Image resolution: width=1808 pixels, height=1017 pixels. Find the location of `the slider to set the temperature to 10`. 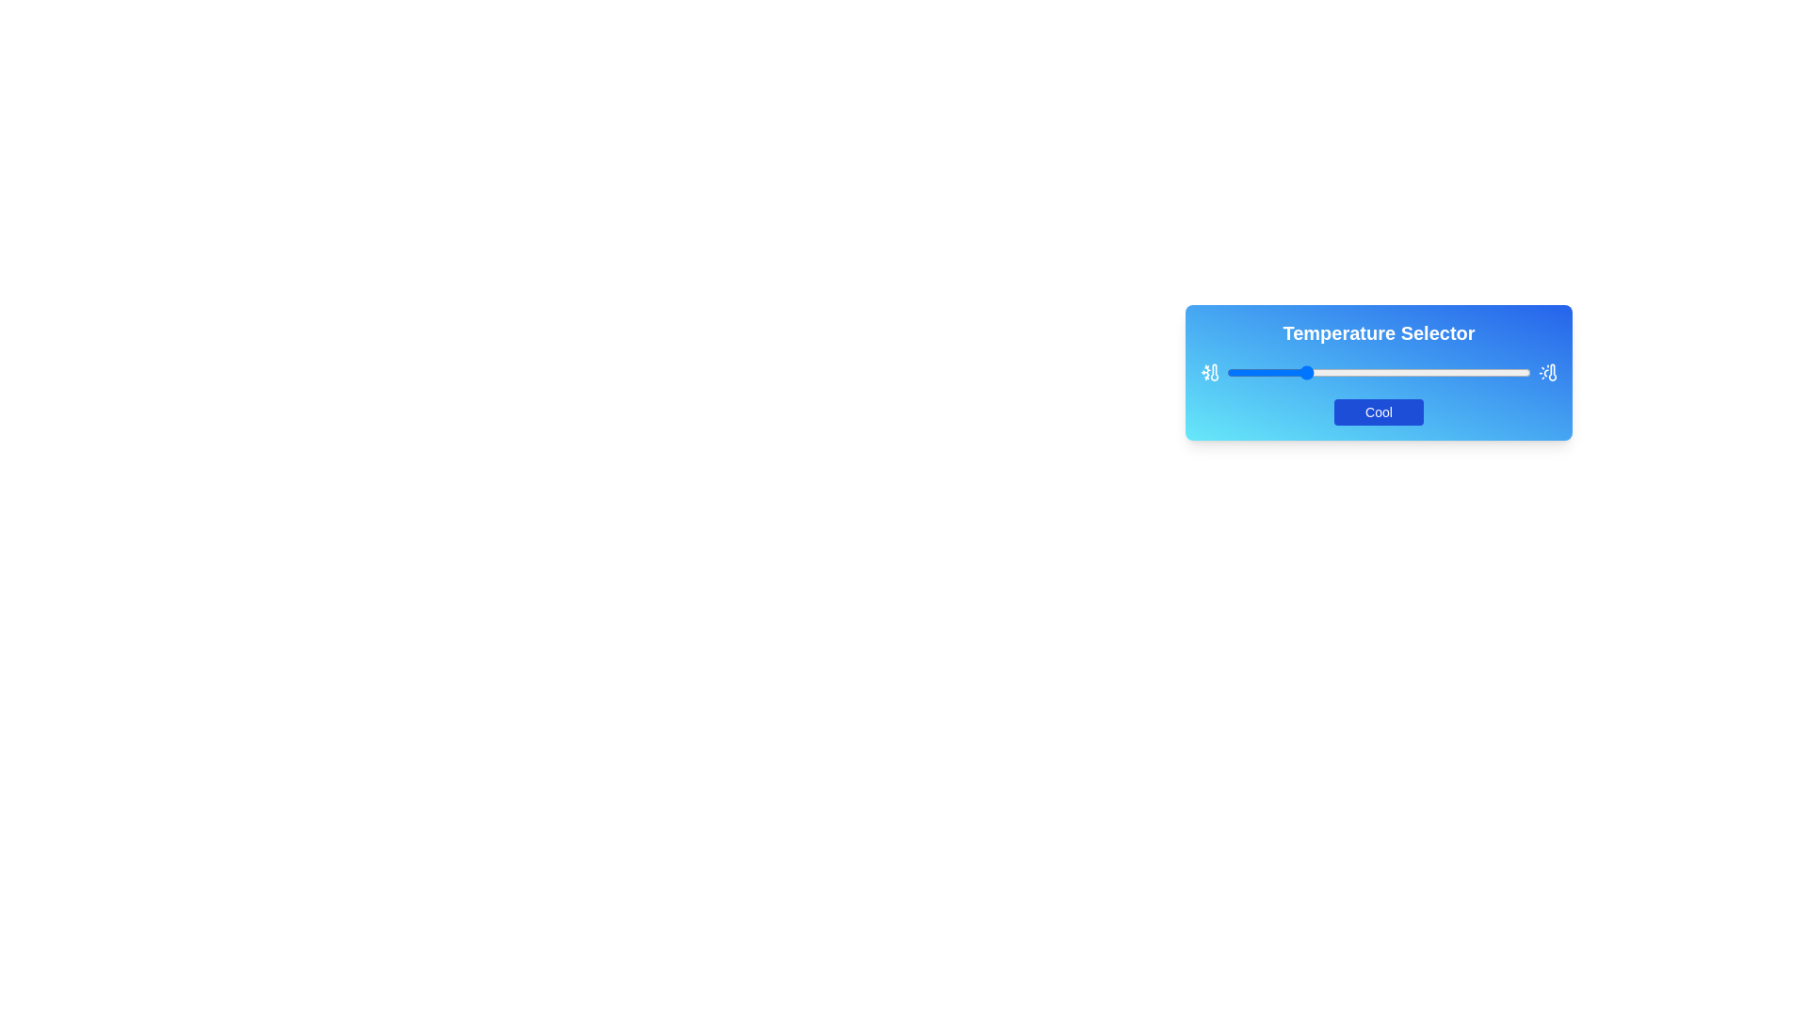

the slider to set the temperature to 10 is located at coordinates (1257, 373).